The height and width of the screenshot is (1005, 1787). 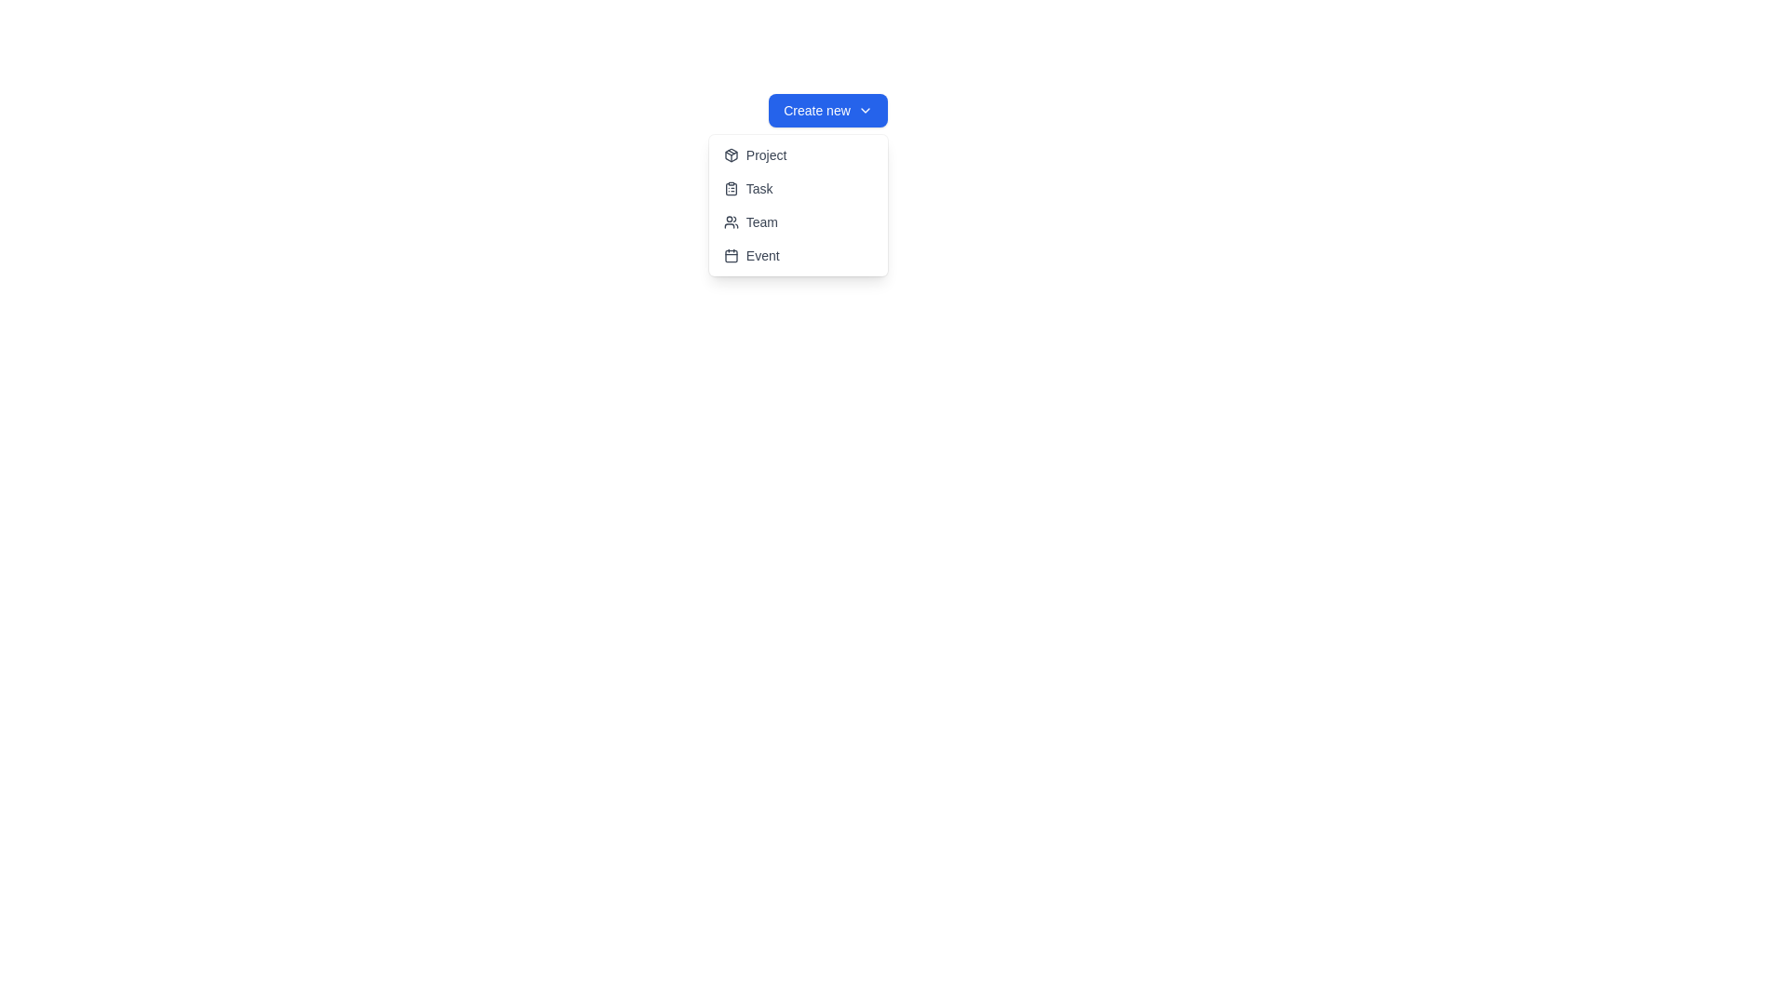 I want to click on the first option in the dropdown menu that is related to 'Project', so click(x=798, y=154).